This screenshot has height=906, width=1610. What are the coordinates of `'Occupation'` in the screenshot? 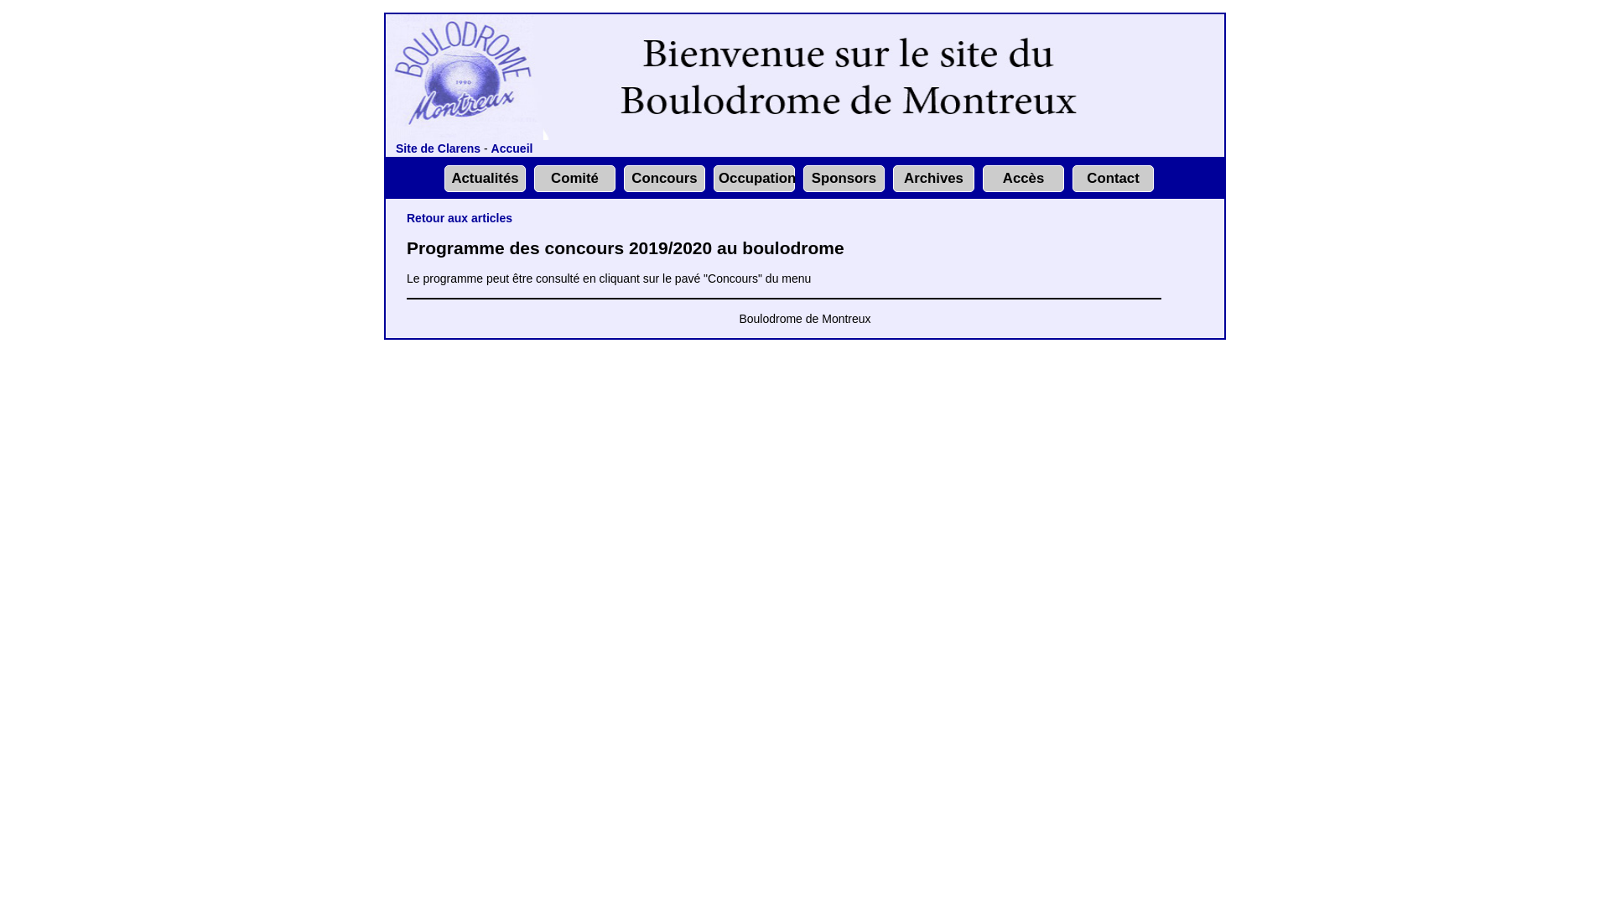 It's located at (719, 178).